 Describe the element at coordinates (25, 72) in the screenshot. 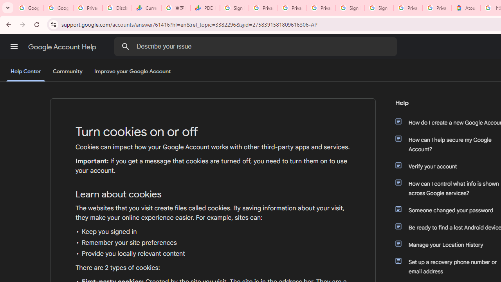

I see `'Help Center'` at that location.